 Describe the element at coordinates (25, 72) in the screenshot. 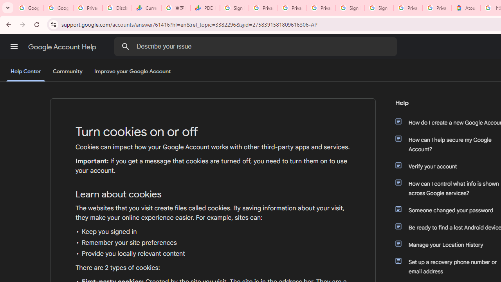

I see `'Help Center'` at that location.